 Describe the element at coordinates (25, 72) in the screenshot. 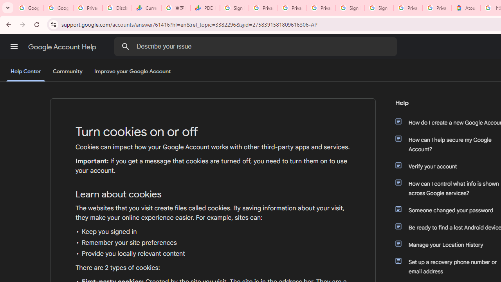

I see `'Help Center'` at that location.